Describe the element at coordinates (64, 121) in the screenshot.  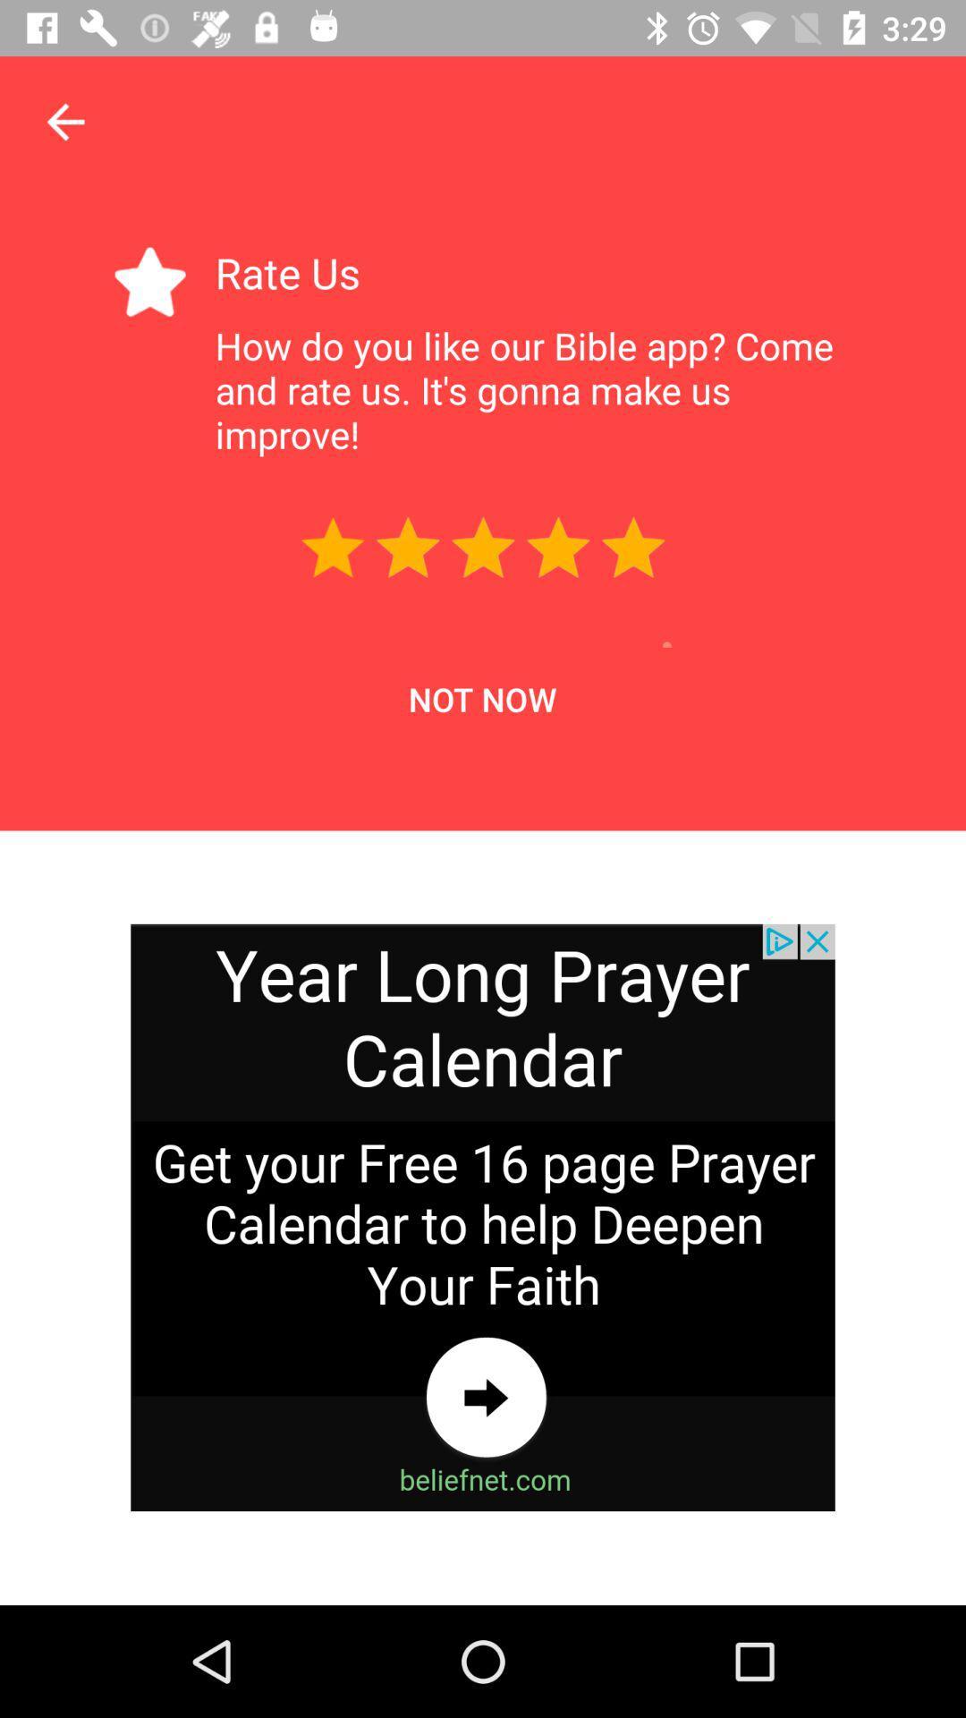
I see `the arrow_backward icon` at that location.